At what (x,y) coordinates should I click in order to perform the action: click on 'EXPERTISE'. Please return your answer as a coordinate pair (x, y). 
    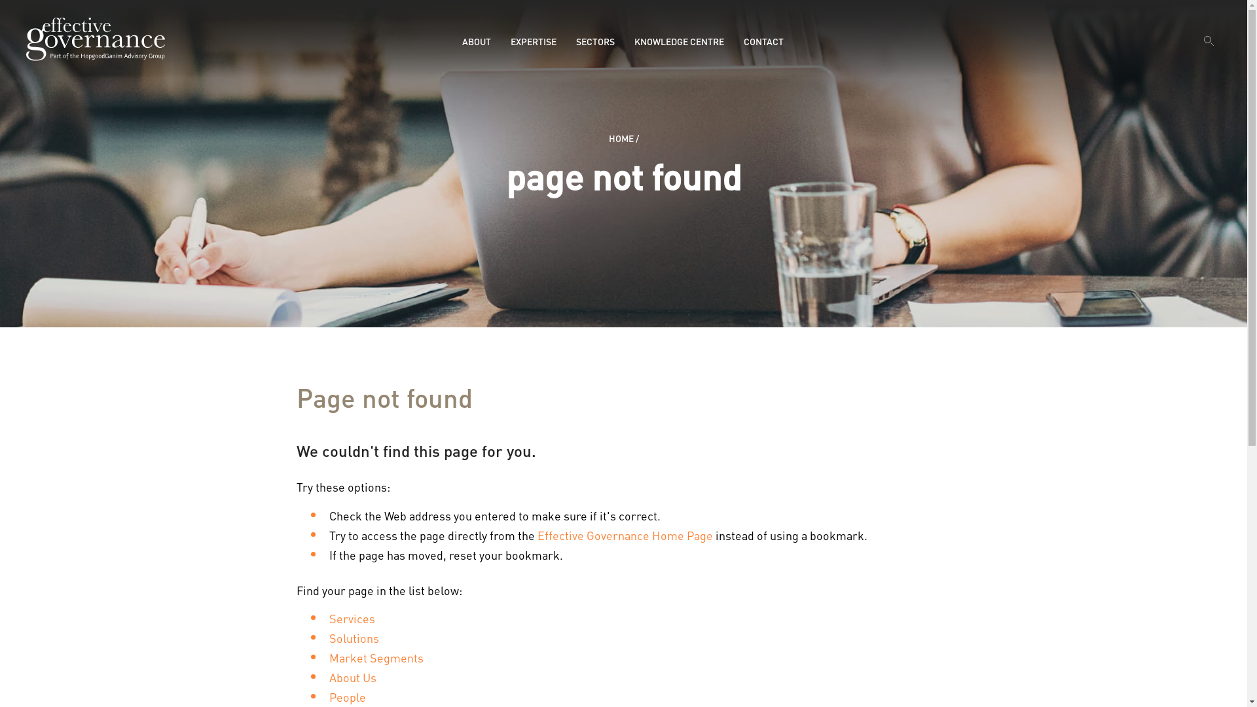
    Looking at the image, I should click on (509, 40).